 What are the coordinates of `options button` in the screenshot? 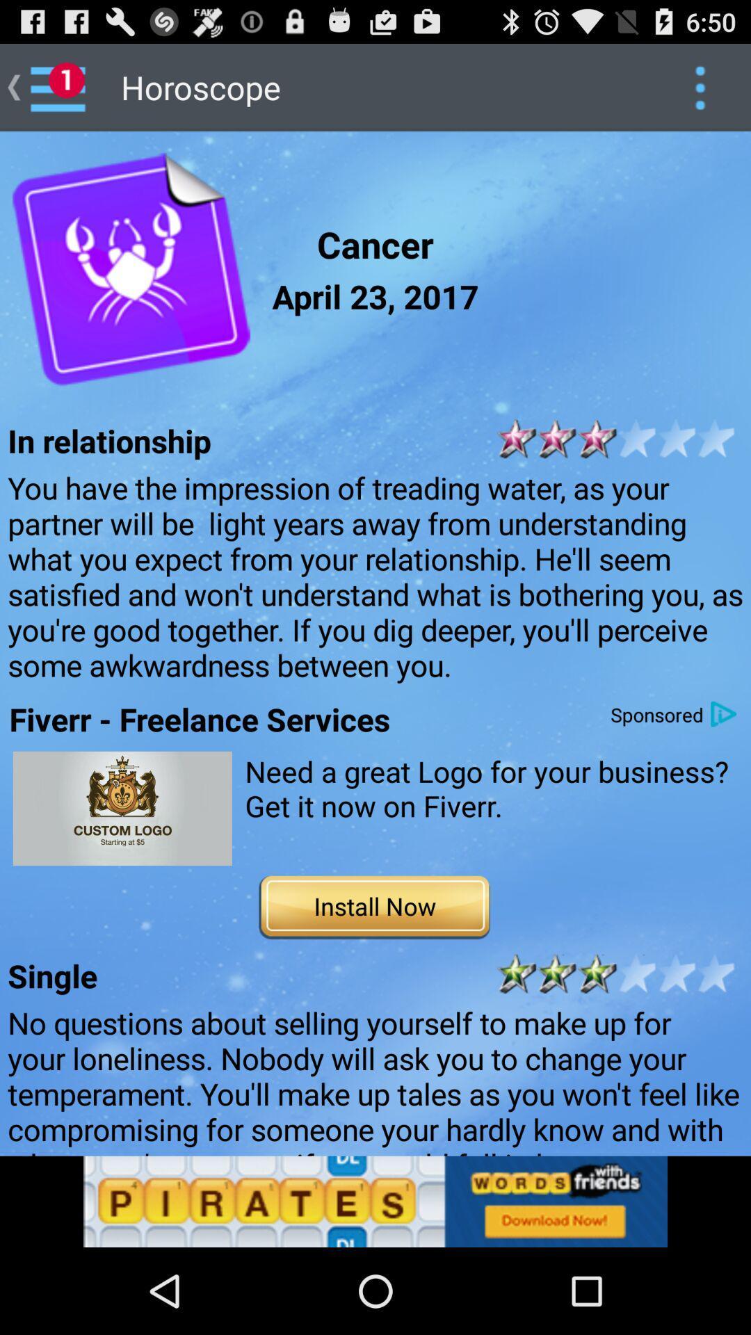 It's located at (700, 86).